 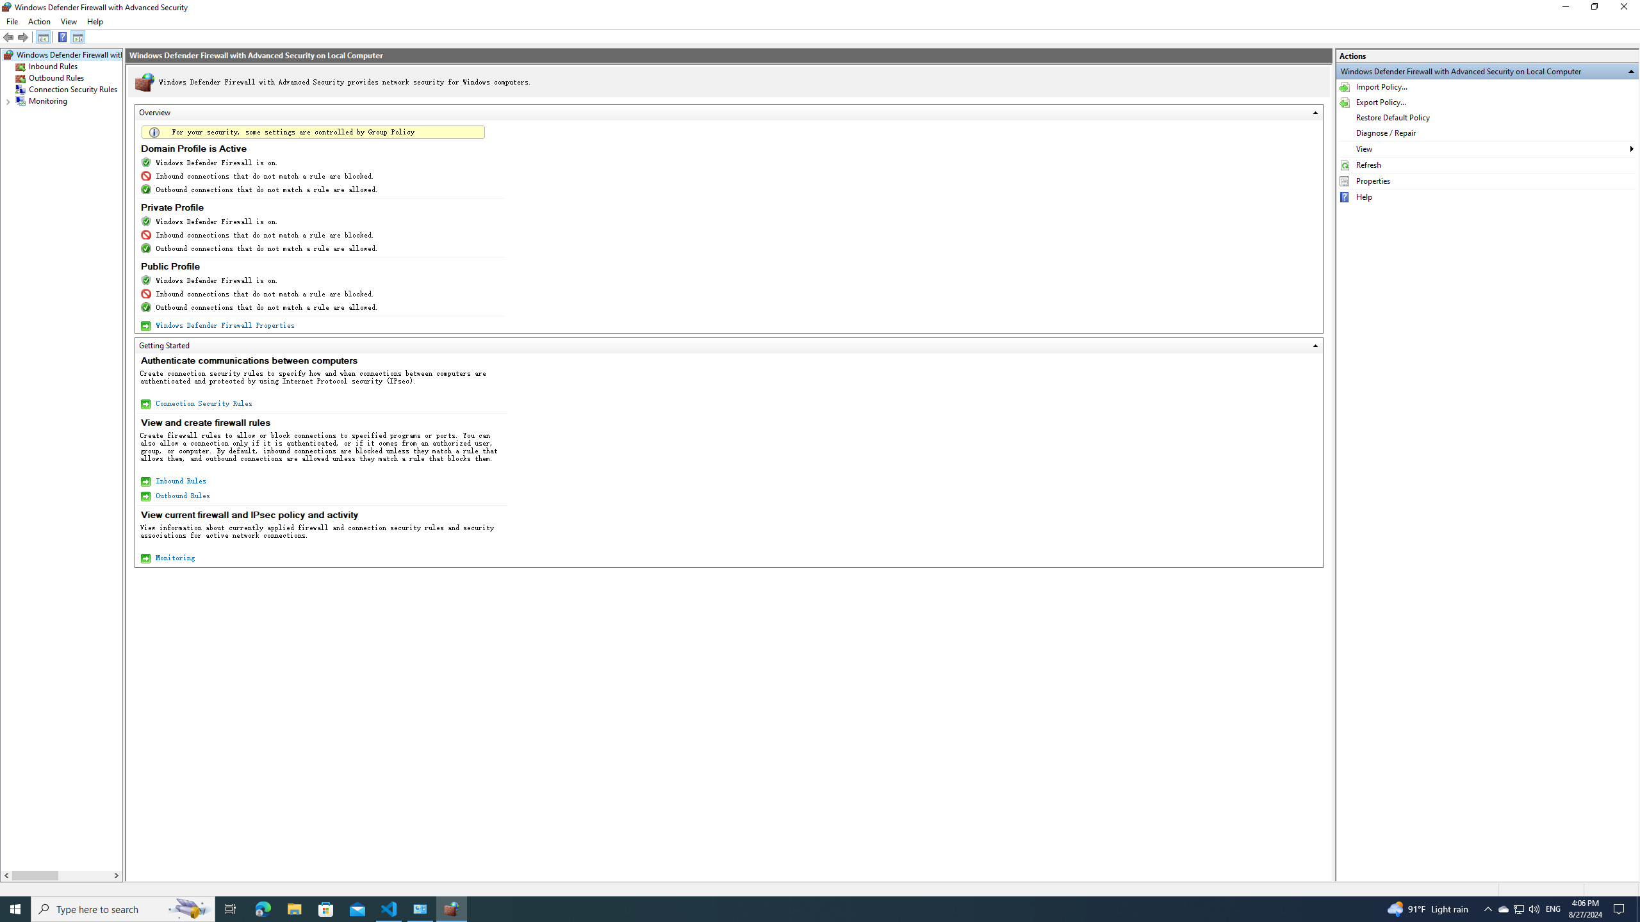 I want to click on 'Refresh', so click(x=1486, y=165).